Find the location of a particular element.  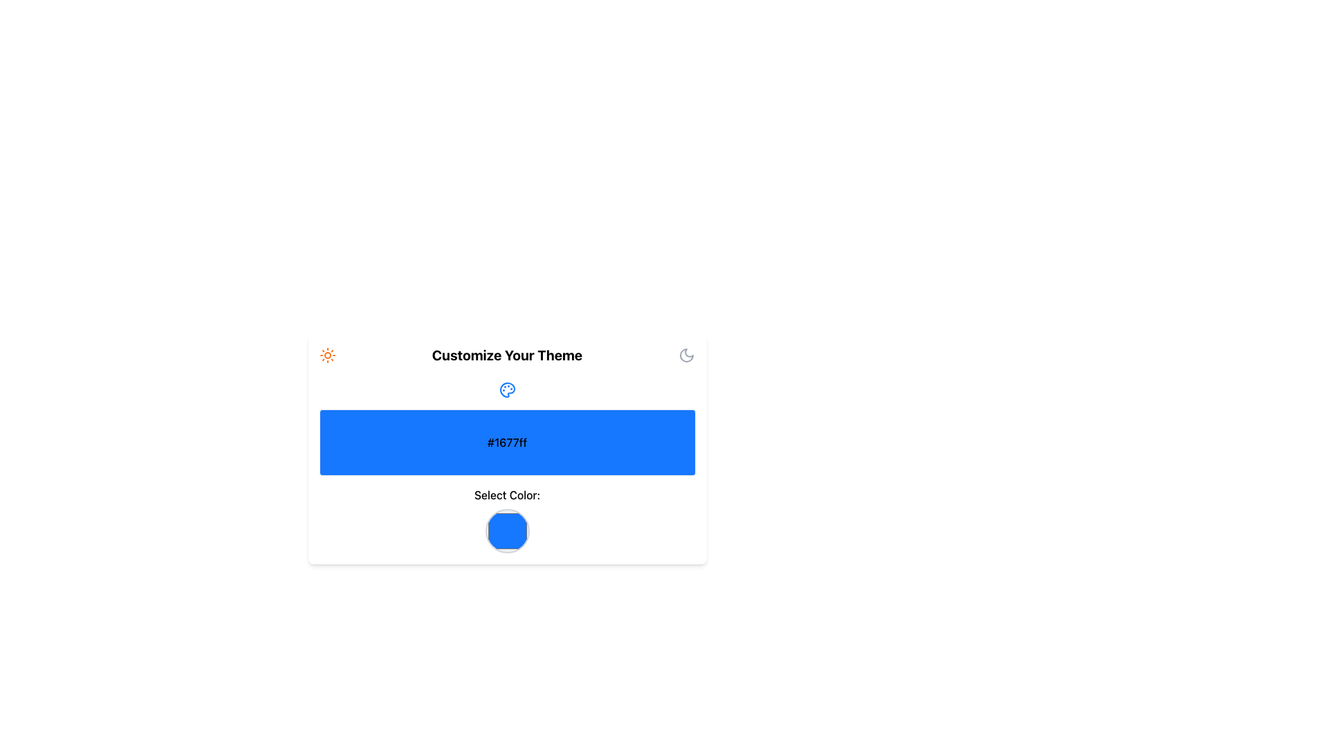

the theme customization icon located centrally at the top of the 'Customize Your Theme' panel is located at coordinates (506, 389).